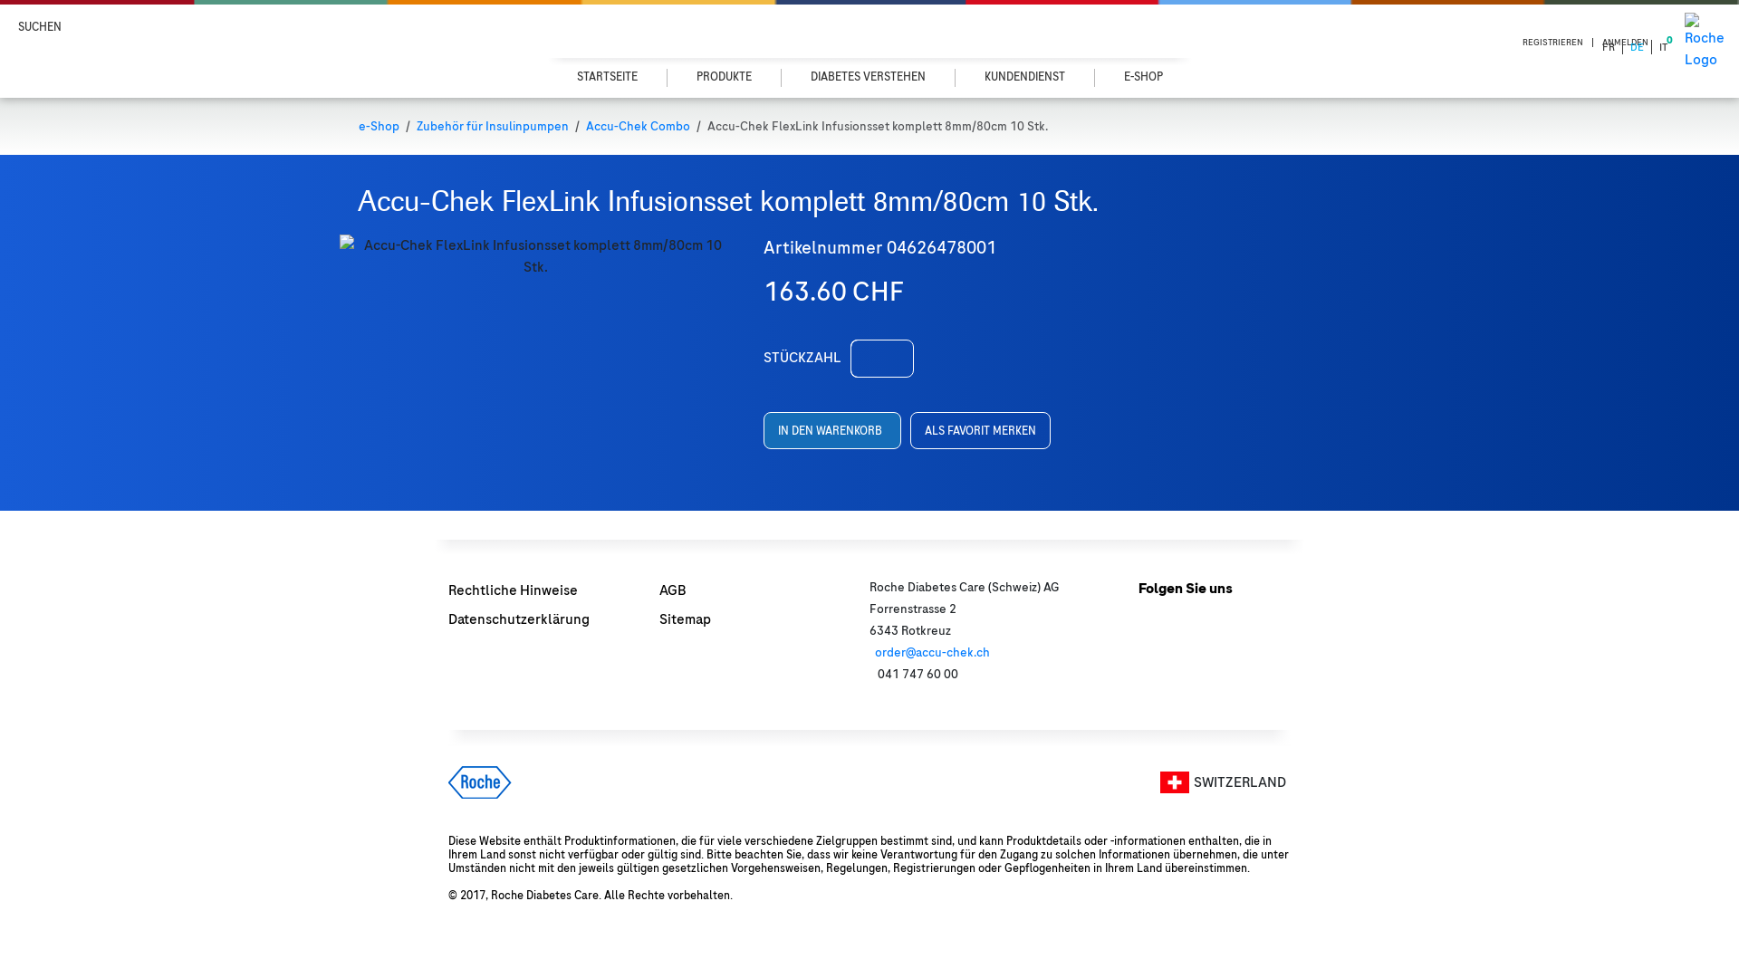 This screenshot has width=1739, height=978. I want to click on 'PRODUKTE', so click(722, 76).